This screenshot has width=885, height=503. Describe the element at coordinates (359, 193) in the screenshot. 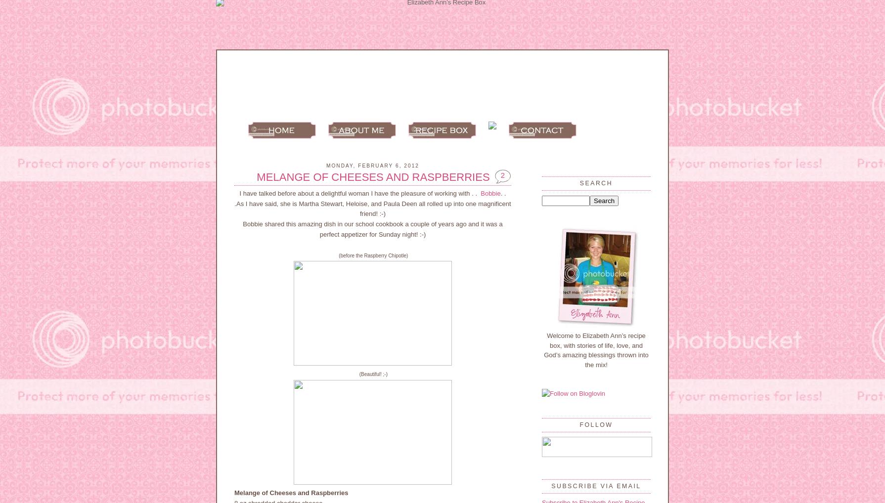

I see `'I have talked before about a delightful woman I have the pleasure of working with . .'` at that location.